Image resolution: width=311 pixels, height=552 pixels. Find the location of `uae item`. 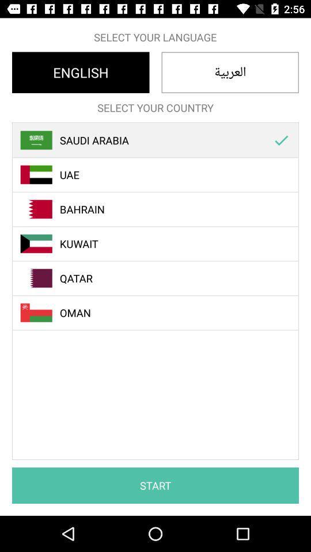

uae item is located at coordinates (161, 175).